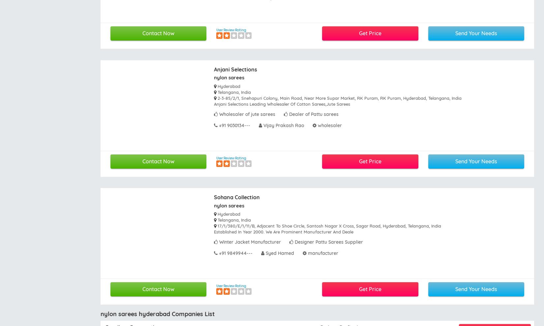  Describe the element at coordinates (299, 223) in the screenshot. I see `'Contact Us'` at that location.